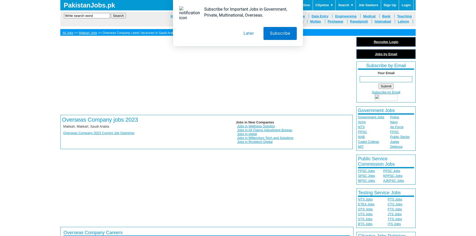 This screenshot has height=236, width=476. What do you see at coordinates (237, 134) in the screenshot?
I see `'Jobs in qtqtqt'` at bounding box center [237, 134].